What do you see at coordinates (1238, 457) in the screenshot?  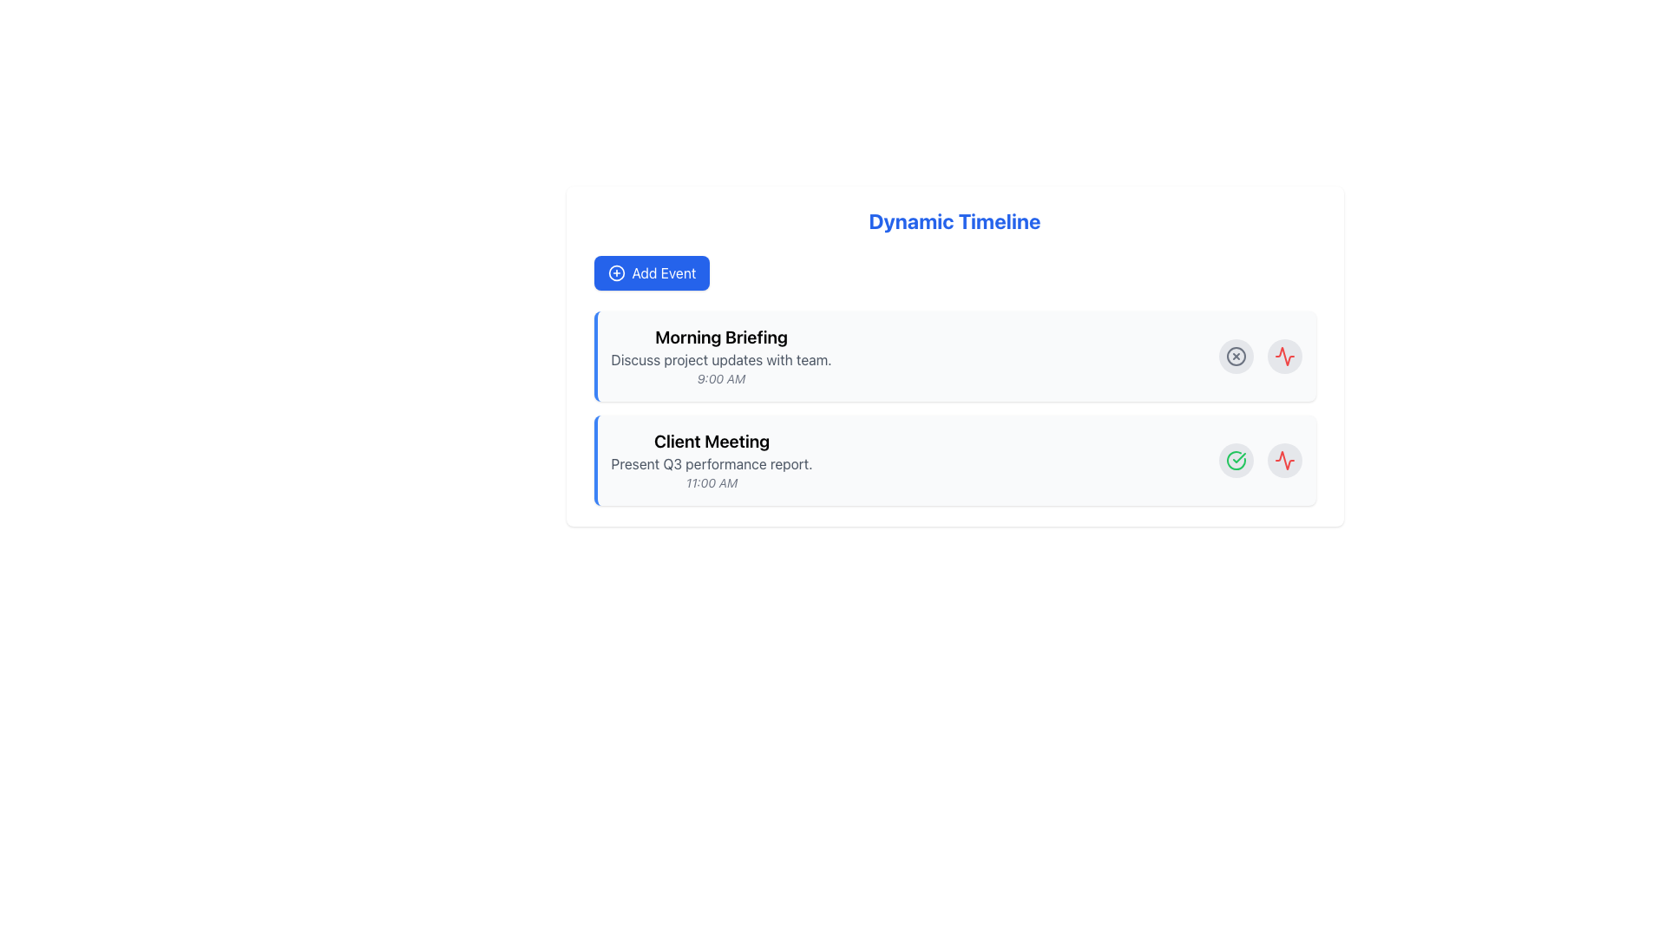 I see `the circular icon that signifies a completed state associated with the 'Client Meeting' card located on the far right of the event card in the displayed timeline` at bounding box center [1238, 457].